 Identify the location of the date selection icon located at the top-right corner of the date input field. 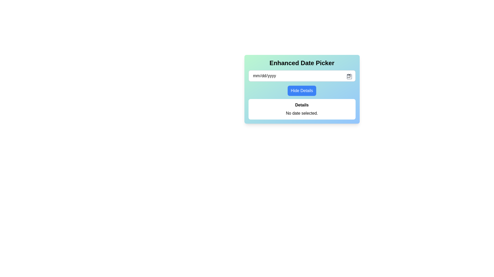
(349, 76).